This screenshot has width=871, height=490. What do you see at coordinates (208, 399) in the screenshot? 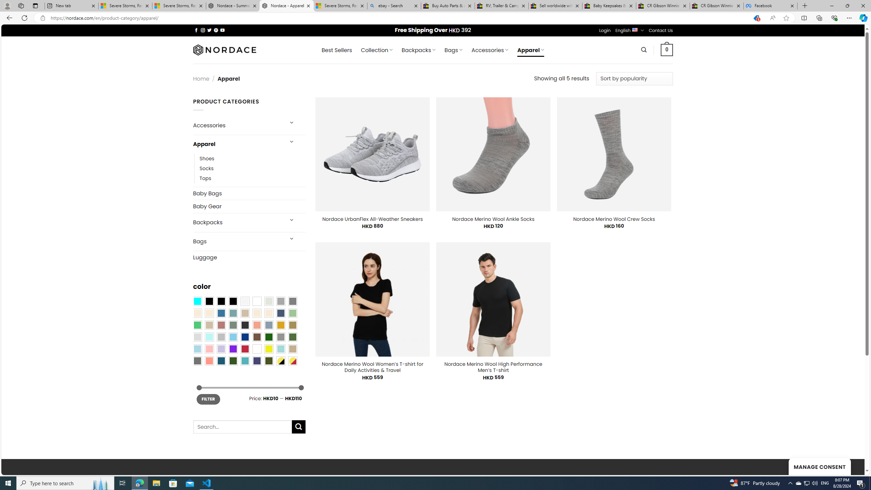
I see `'FILTER'` at bounding box center [208, 399].